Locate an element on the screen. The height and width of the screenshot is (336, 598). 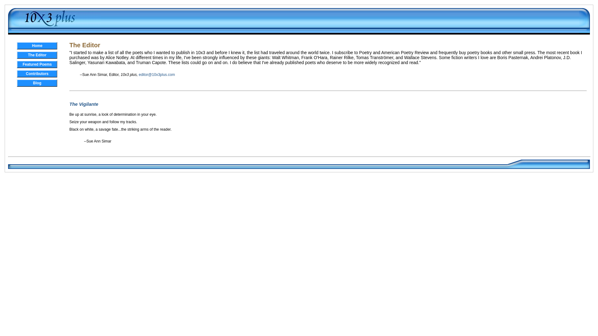
'Blog' is located at coordinates (37, 82).